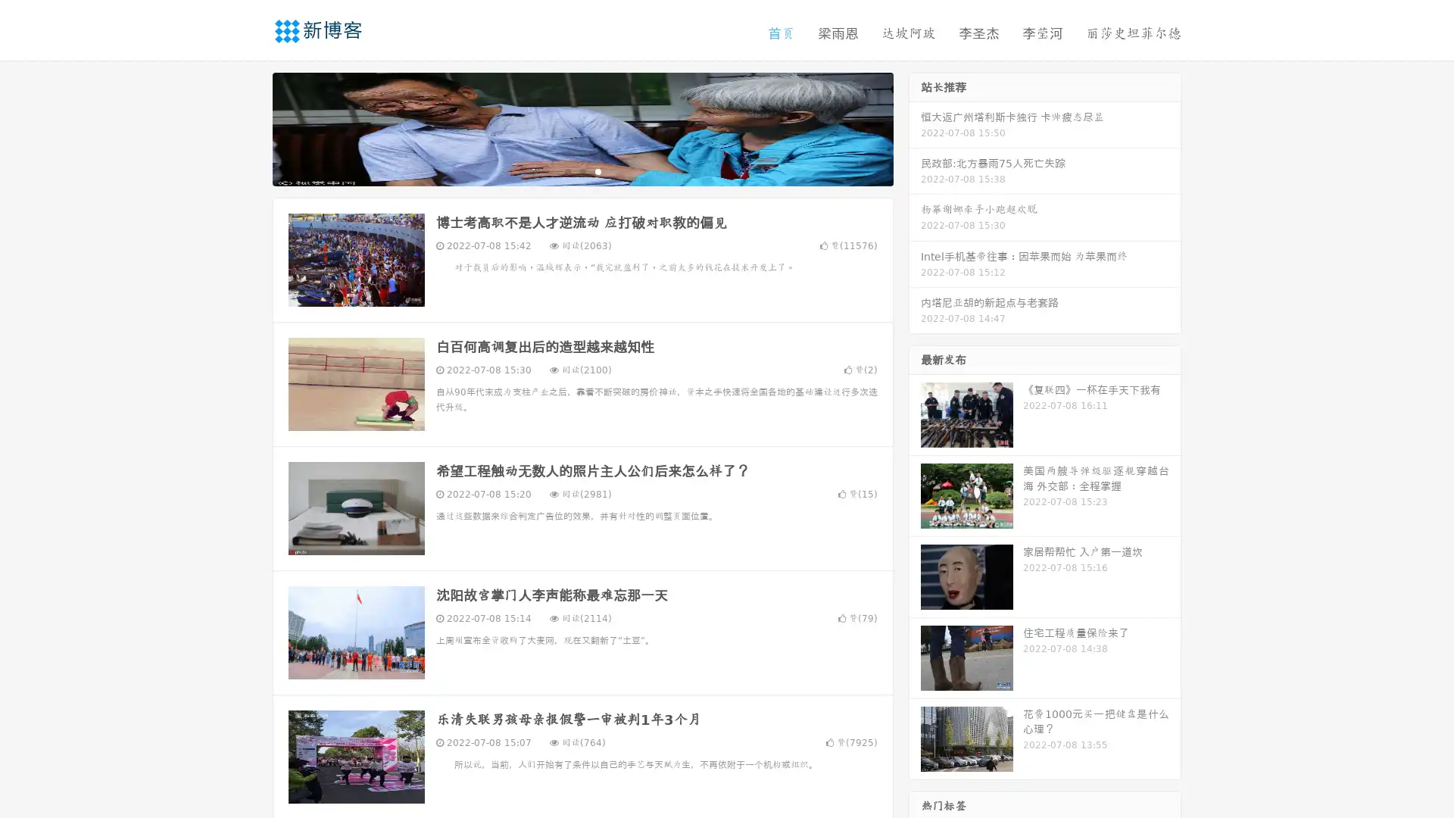 This screenshot has height=818, width=1454. What do you see at coordinates (915, 127) in the screenshot?
I see `Next slide` at bounding box center [915, 127].